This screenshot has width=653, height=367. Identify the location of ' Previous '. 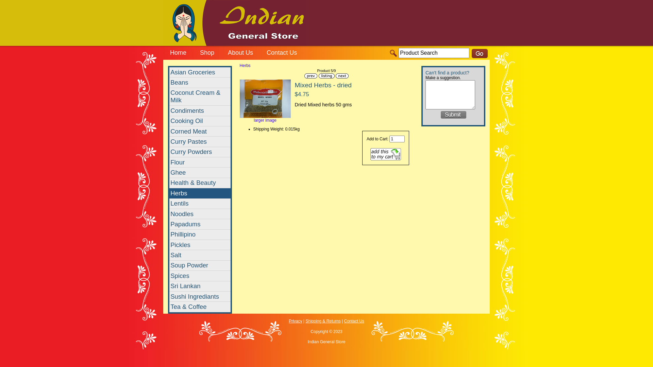
(310, 76).